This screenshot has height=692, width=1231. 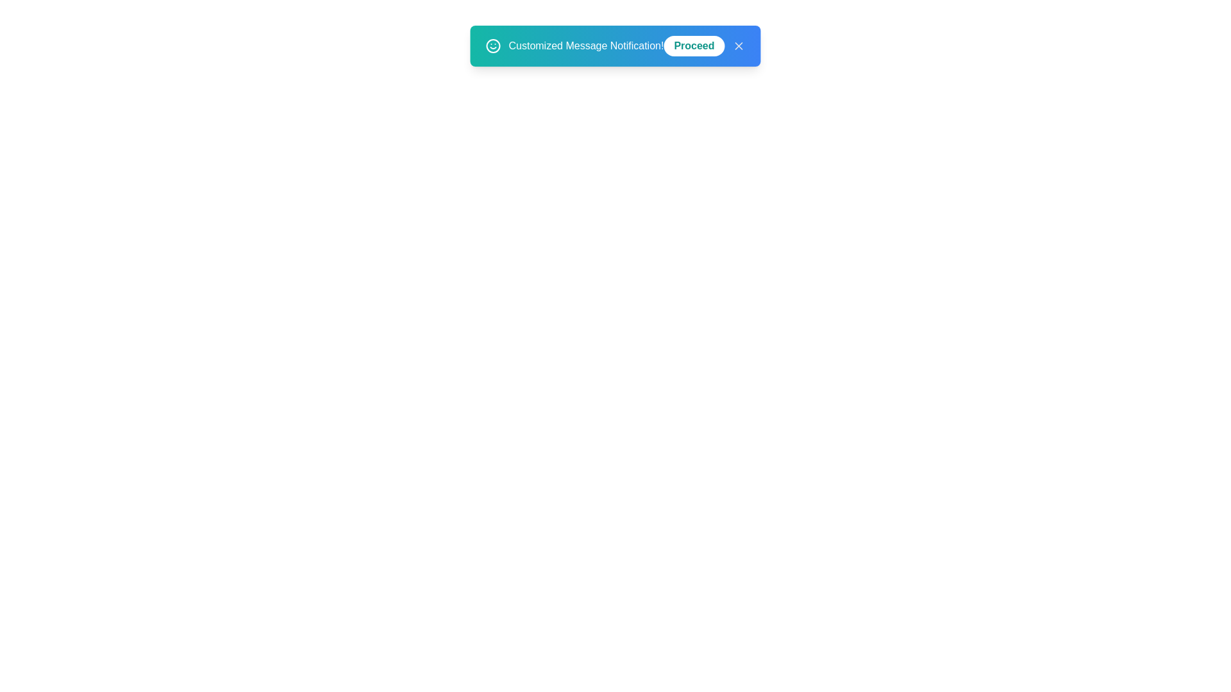 What do you see at coordinates (693, 45) in the screenshot?
I see `the 'Proceed' button to observe its hover effect` at bounding box center [693, 45].